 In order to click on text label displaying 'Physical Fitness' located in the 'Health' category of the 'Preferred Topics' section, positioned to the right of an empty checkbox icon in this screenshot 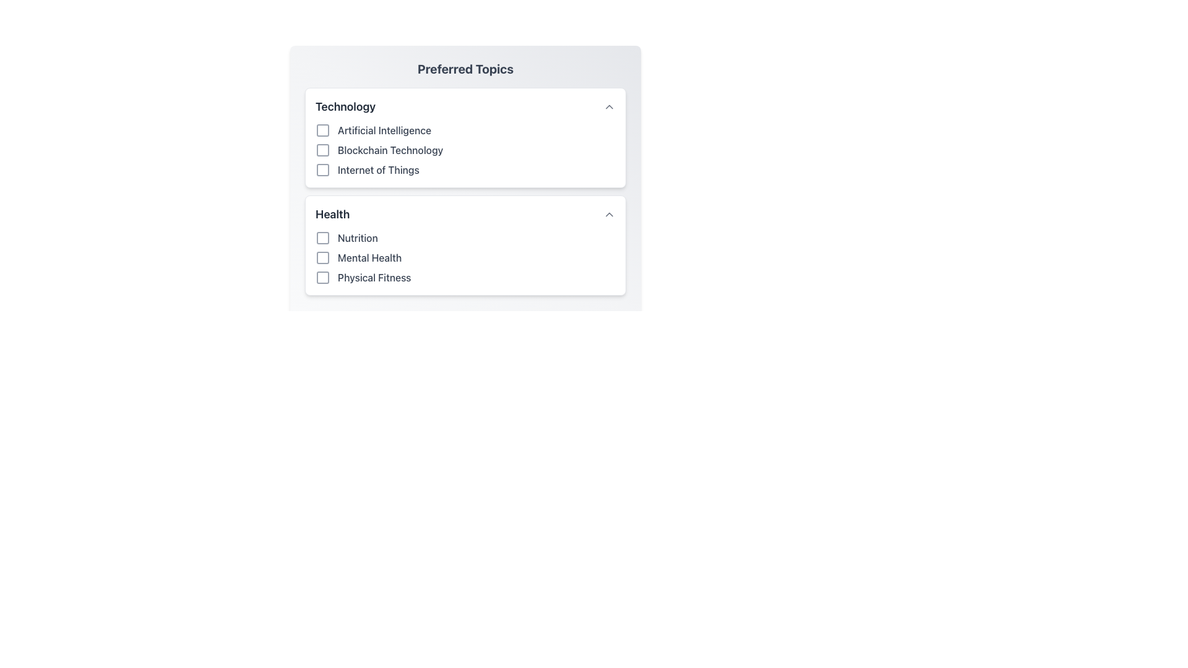, I will do `click(374, 276)`.